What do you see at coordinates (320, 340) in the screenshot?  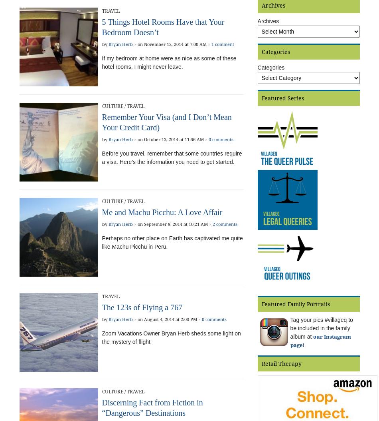 I see `'our Instagram page!'` at bounding box center [320, 340].